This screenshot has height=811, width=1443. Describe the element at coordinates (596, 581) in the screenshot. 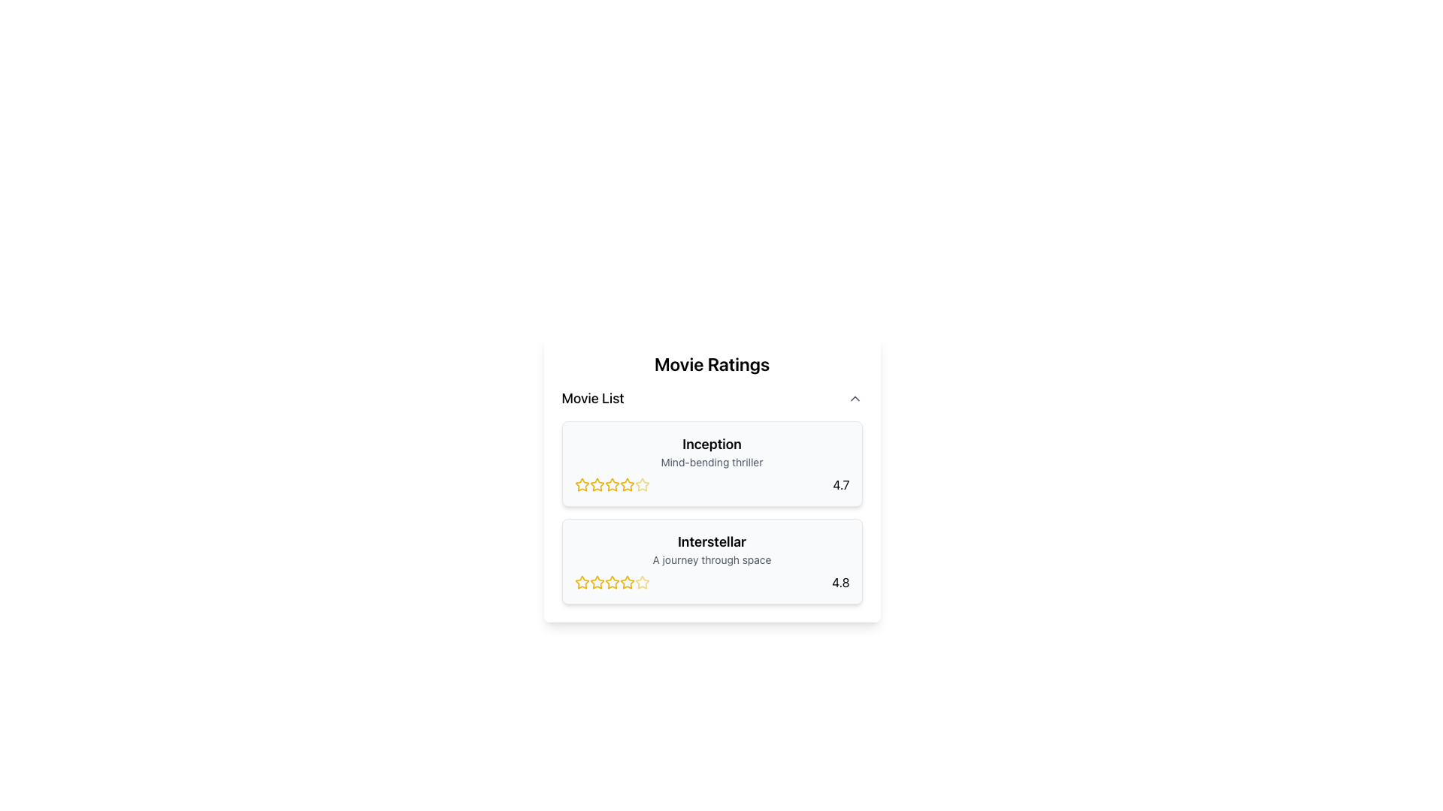

I see `the filled yellow star icon, which is the second star in the rating system for the movie 'Interstellar: A journey through space'` at that location.